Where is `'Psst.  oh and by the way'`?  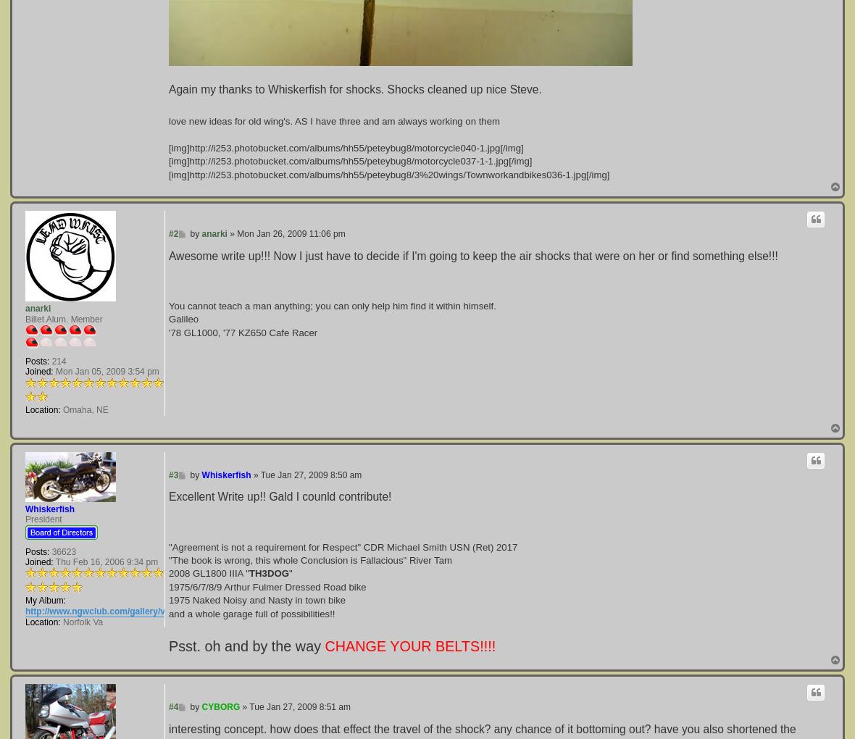 'Psst.  oh and by the way' is located at coordinates (243, 644).